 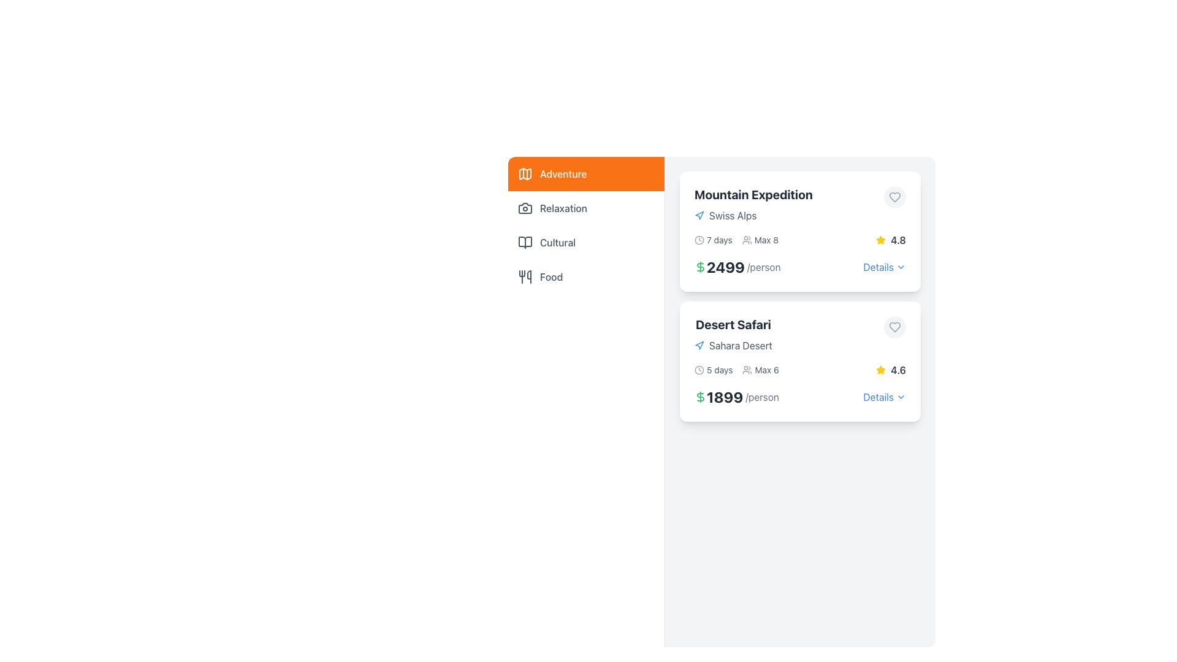 What do you see at coordinates (525, 207) in the screenshot?
I see `the 'Relaxation' icon in the sidebar, which is the left-most icon representing the 'Relaxation' category, located between the 'Adventure' and 'Cultural' sections` at bounding box center [525, 207].